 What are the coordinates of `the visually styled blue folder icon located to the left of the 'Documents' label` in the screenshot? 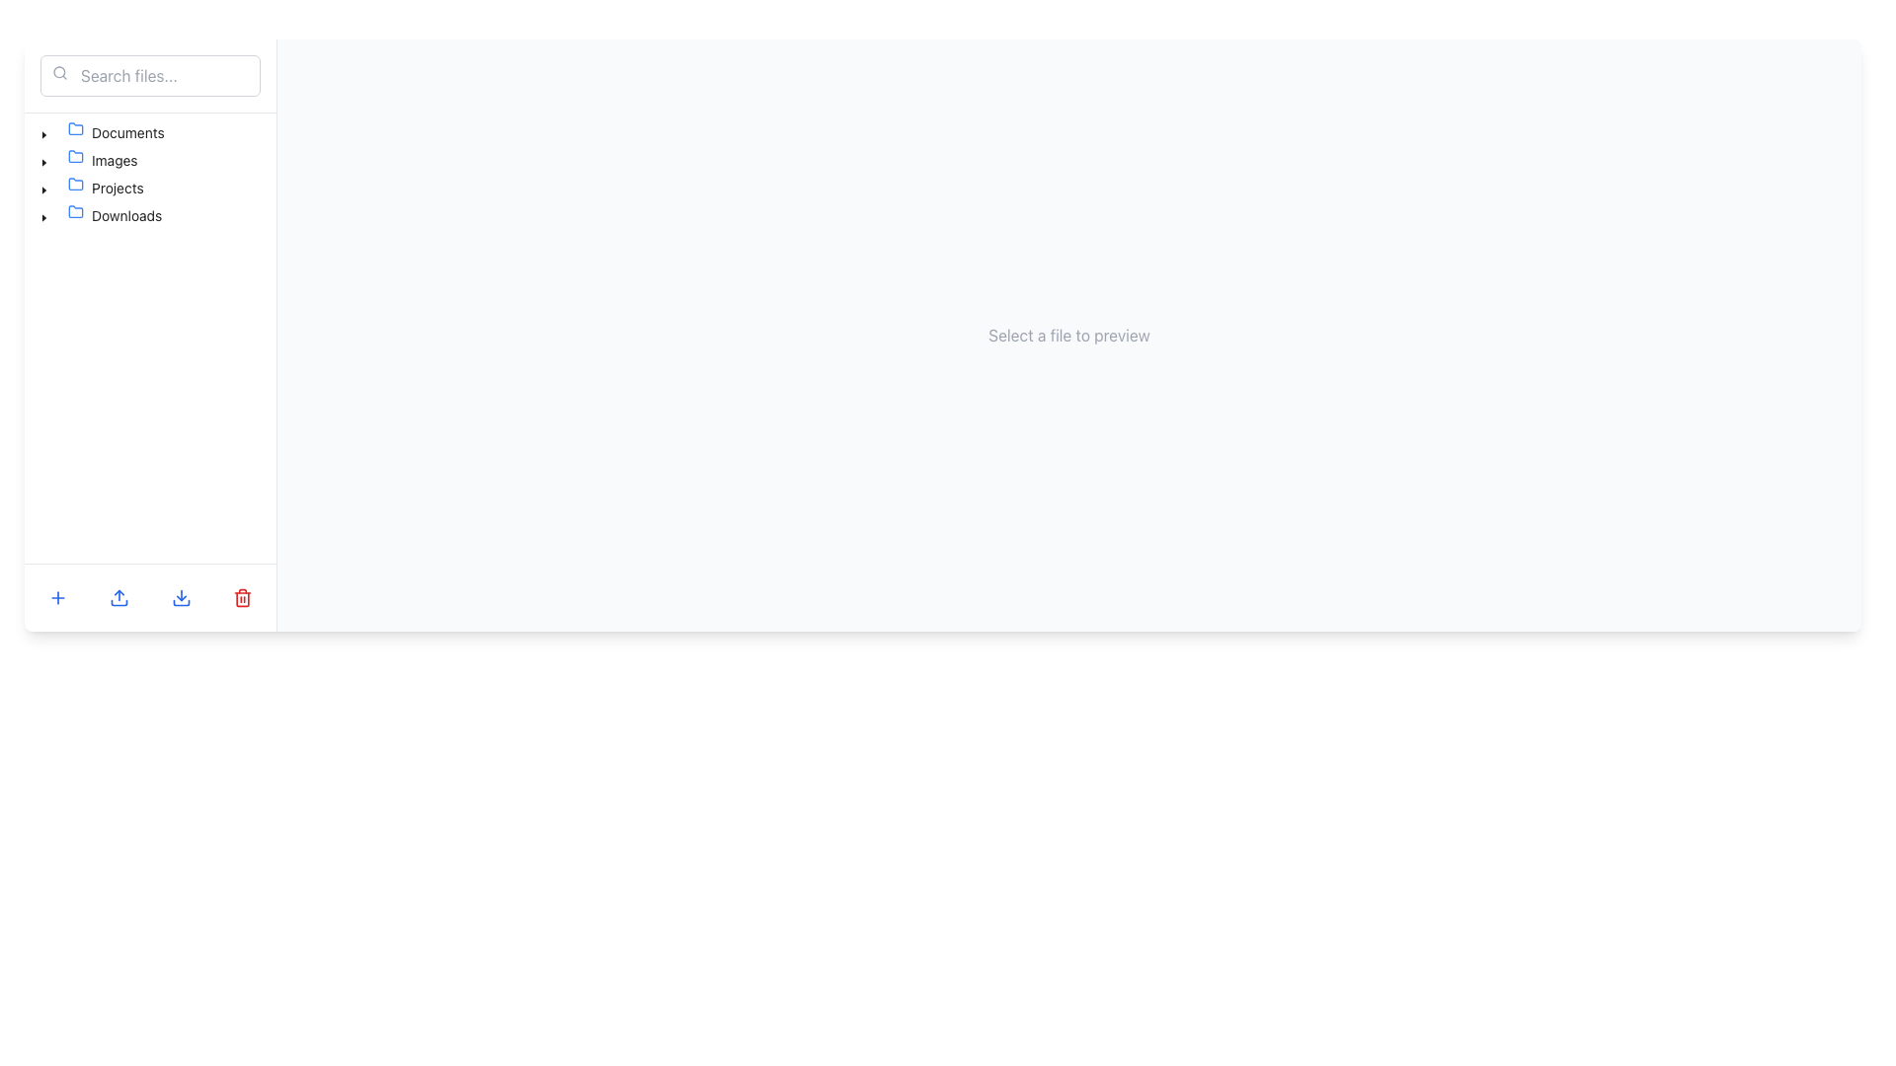 It's located at (79, 133).